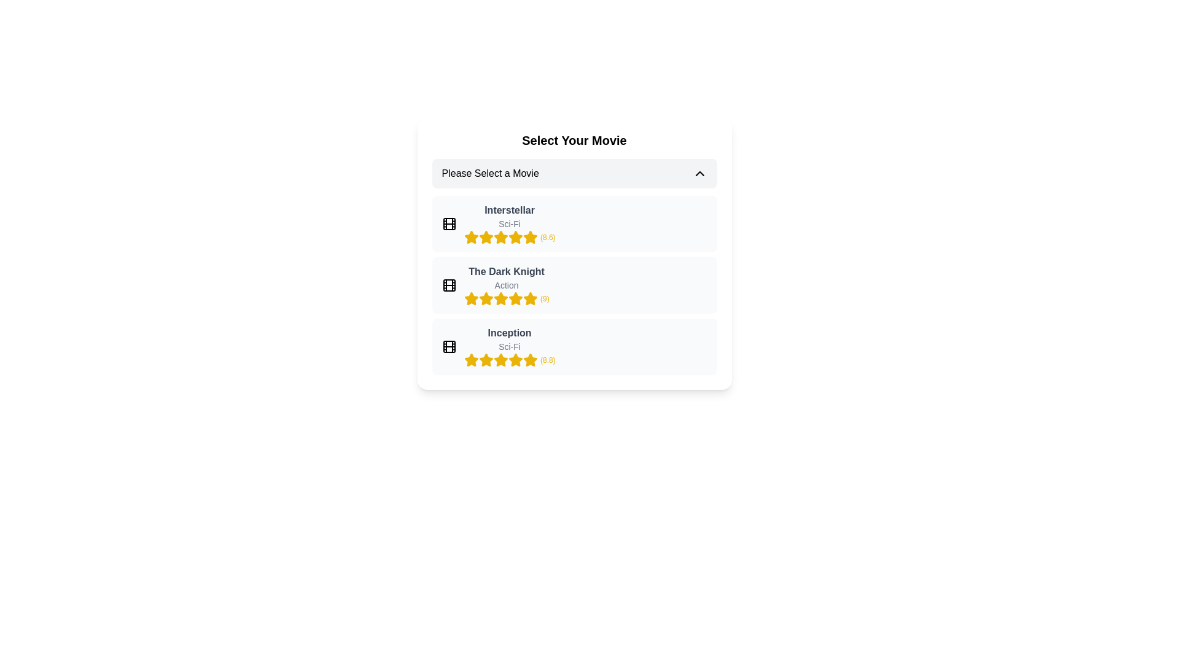 Image resolution: width=1179 pixels, height=663 pixels. Describe the element at coordinates (485, 359) in the screenshot. I see `the third star icon in the rating system for the movie 'Inception', located to the left of the text '(8.8)'` at that location.